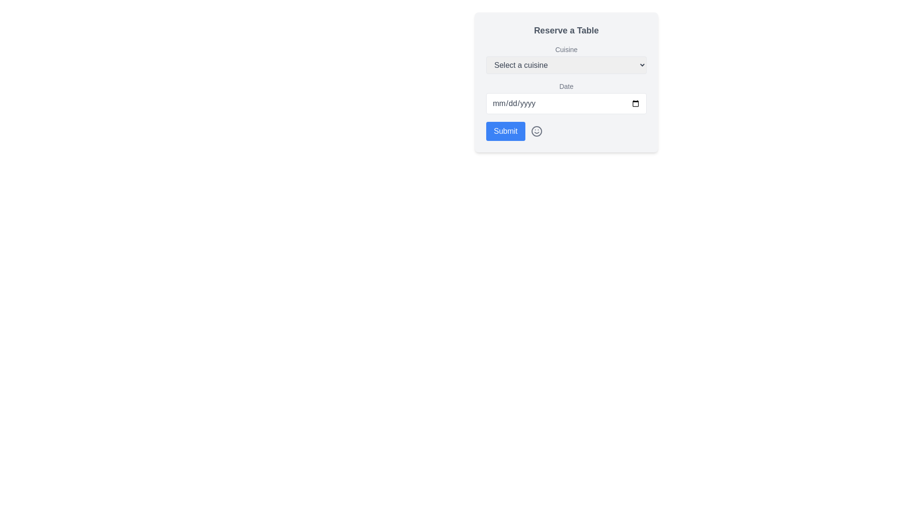 This screenshot has width=917, height=516. I want to click on the label for the dropdown menu that describes the associated input field for cuisines, located in the 'Reserve a Table' section, so click(566, 50).